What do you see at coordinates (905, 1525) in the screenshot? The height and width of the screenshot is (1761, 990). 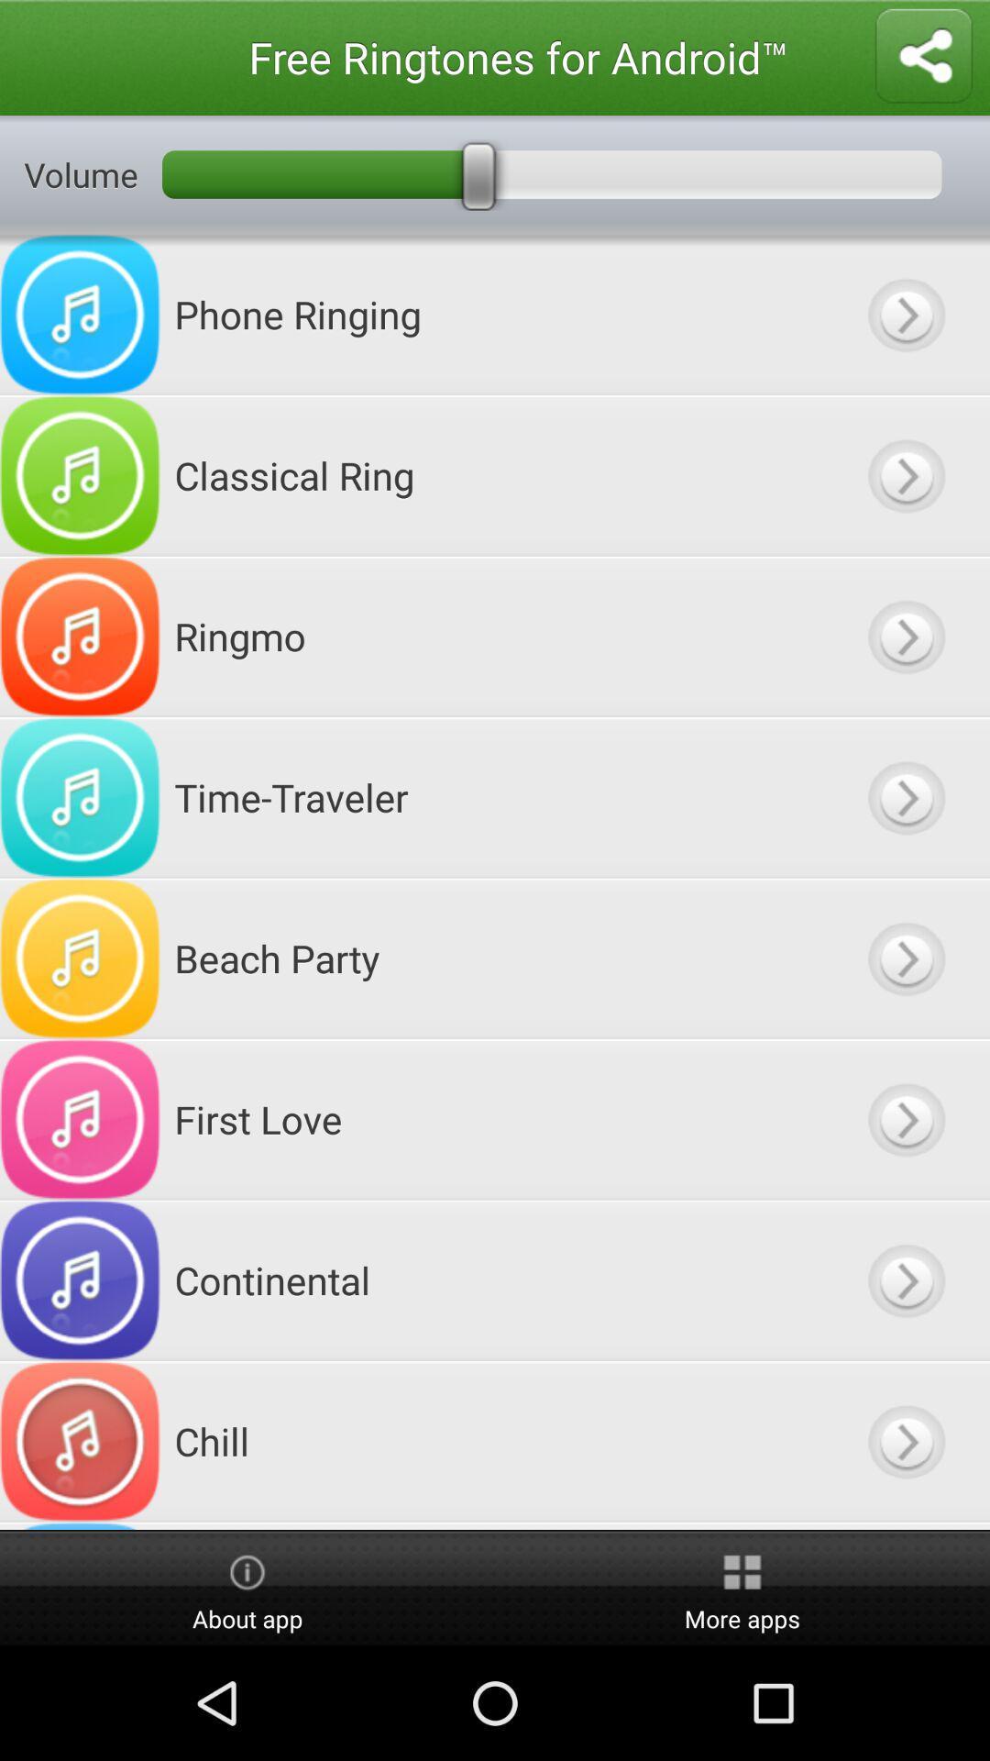 I see `show more` at bounding box center [905, 1525].